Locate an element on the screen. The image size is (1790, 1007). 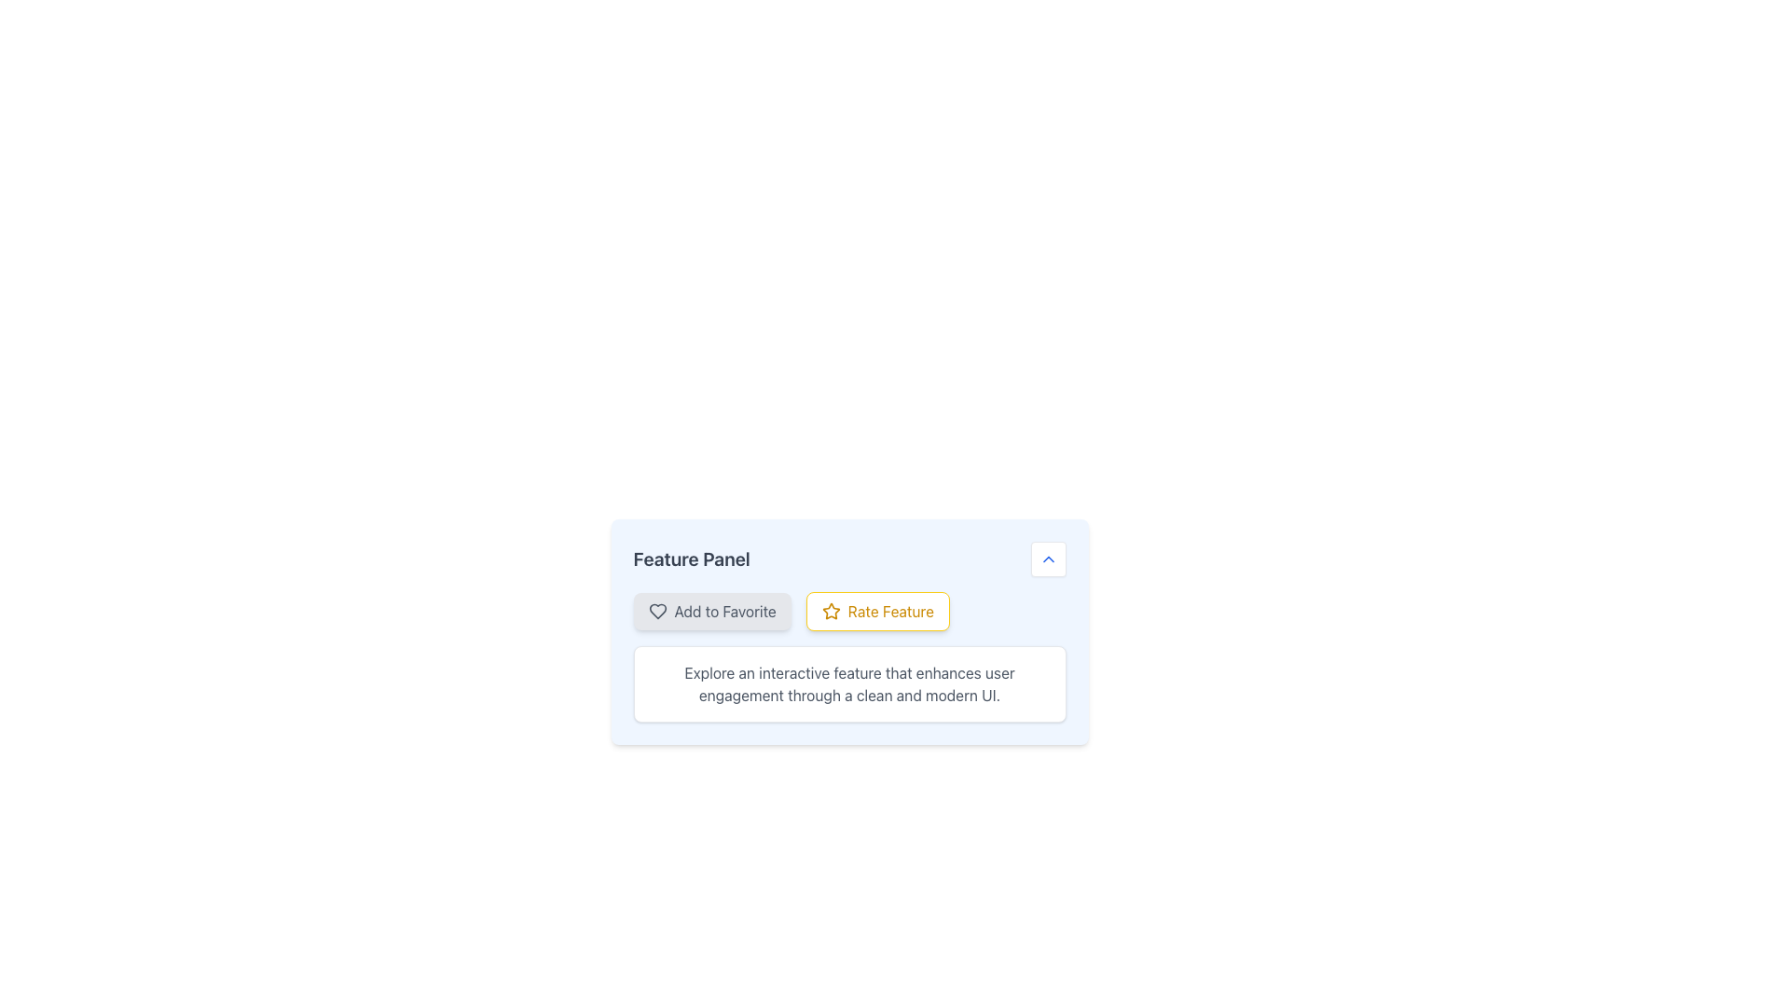
the rating button located within the 'Feature Panel', positioned to the right of the 'Add to Favorite' button is located at coordinates (876, 611).